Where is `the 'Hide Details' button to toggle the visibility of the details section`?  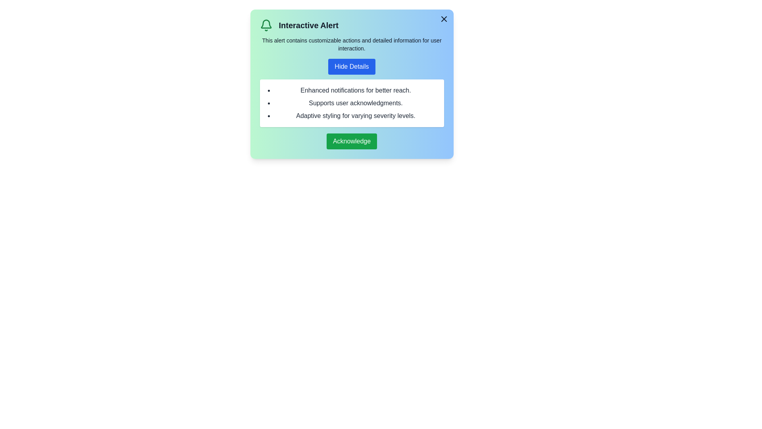
the 'Hide Details' button to toggle the visibility of the details section is located at coordinates (351, 66).